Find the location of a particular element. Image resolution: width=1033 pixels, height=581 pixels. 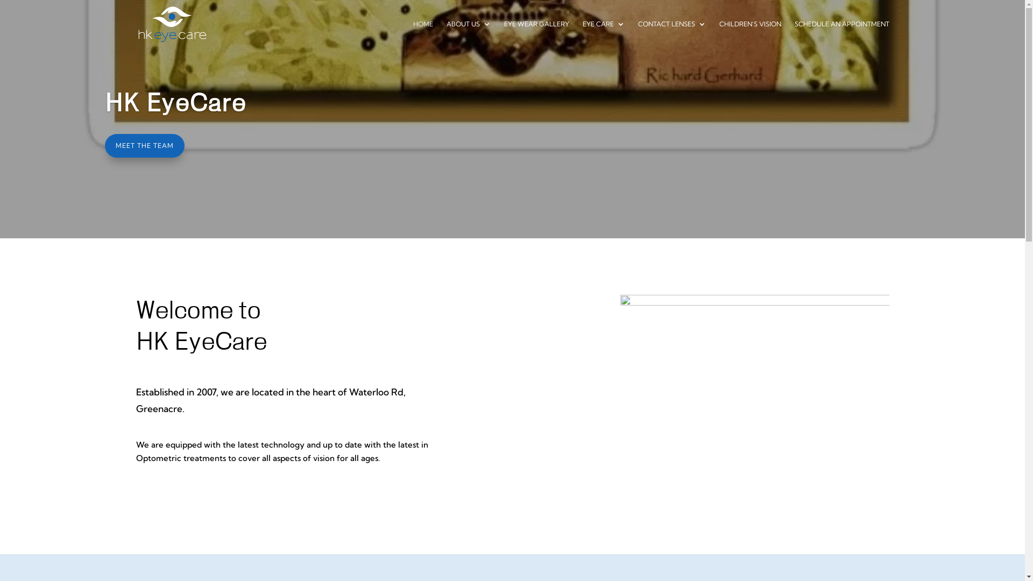

'CONTACT LENSES' is located at coordinates (638, 34).